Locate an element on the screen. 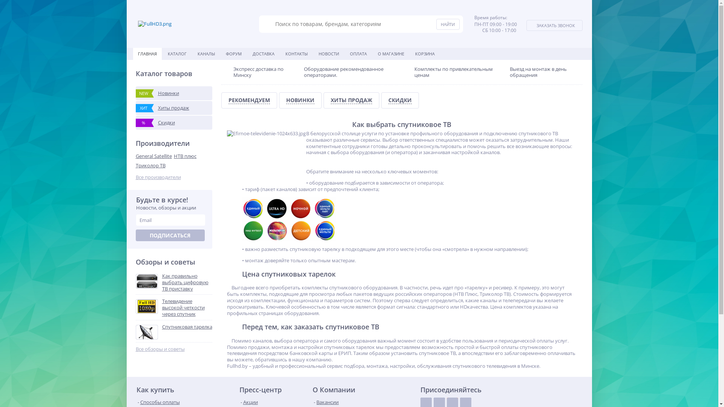 The width and height of the screenshot is (724, 407). 'General Satellite' is located at coordinates (155, 156).